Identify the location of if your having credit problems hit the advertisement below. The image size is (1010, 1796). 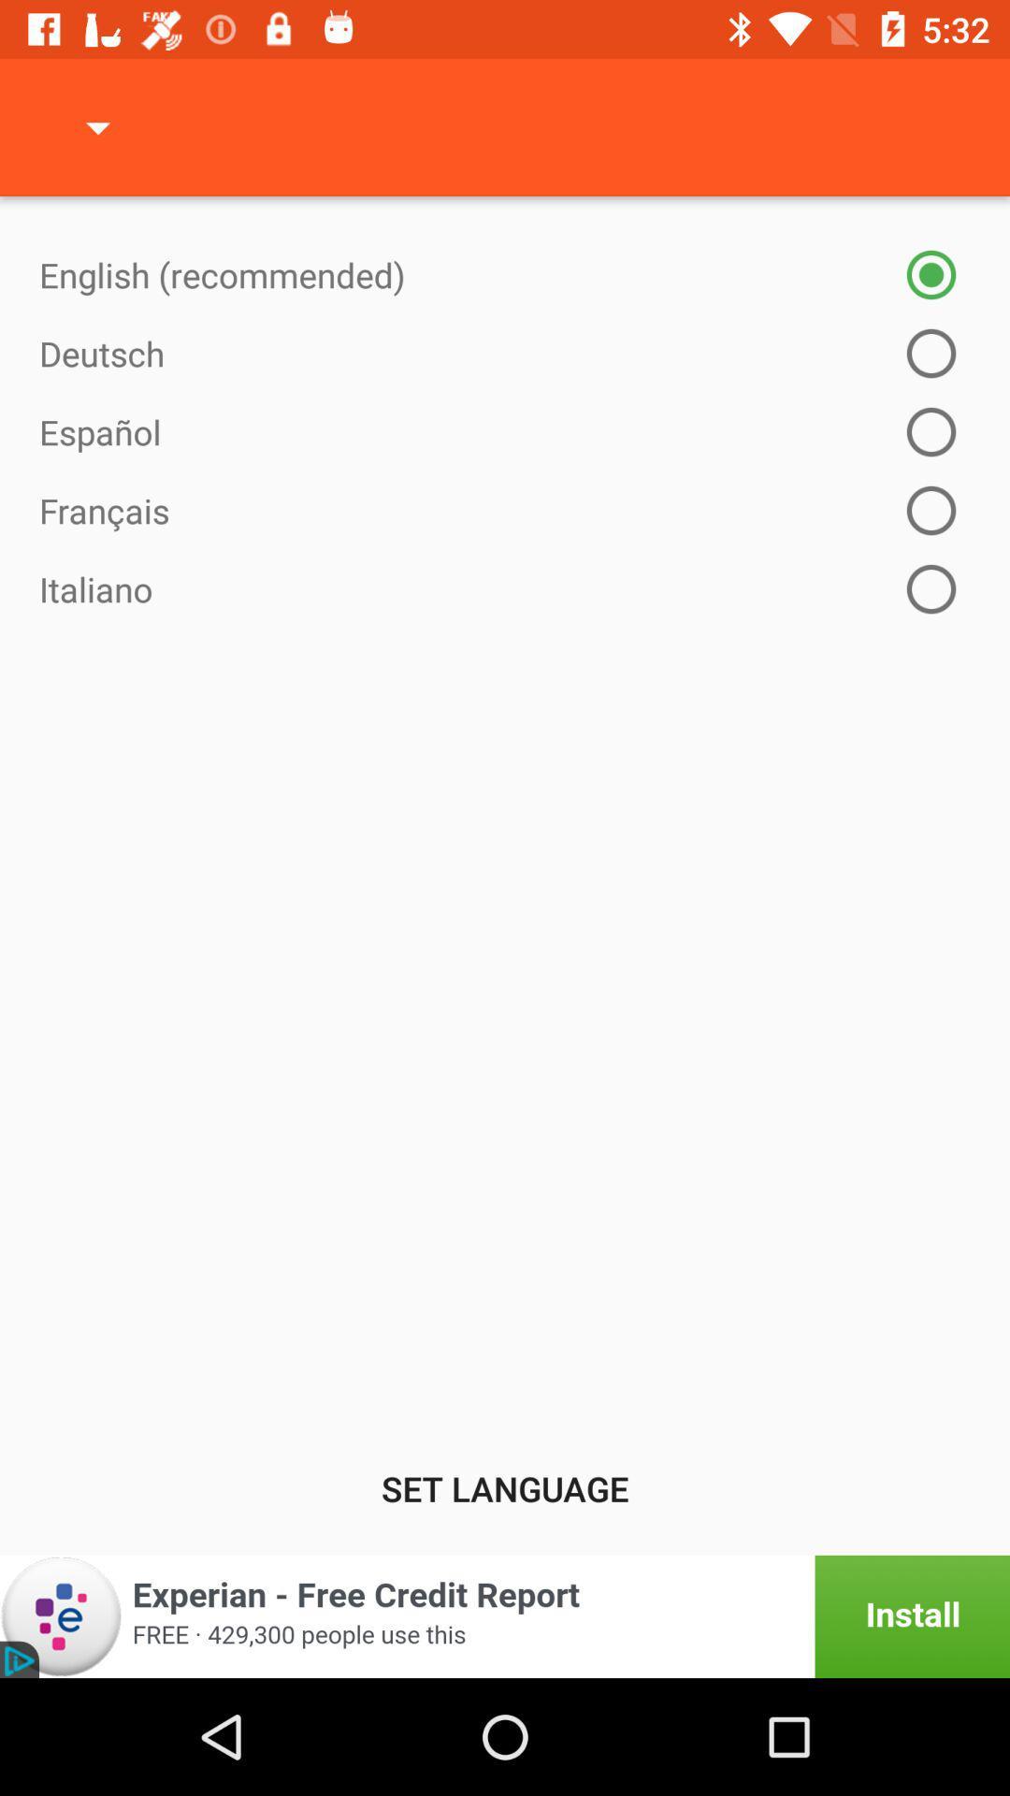
(505, 1615).